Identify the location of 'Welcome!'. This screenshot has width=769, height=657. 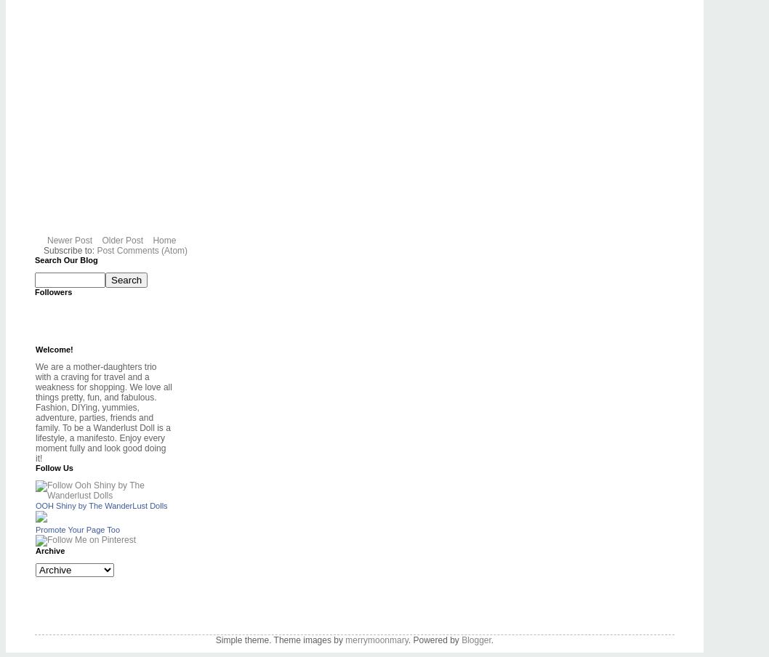
(54, 348).